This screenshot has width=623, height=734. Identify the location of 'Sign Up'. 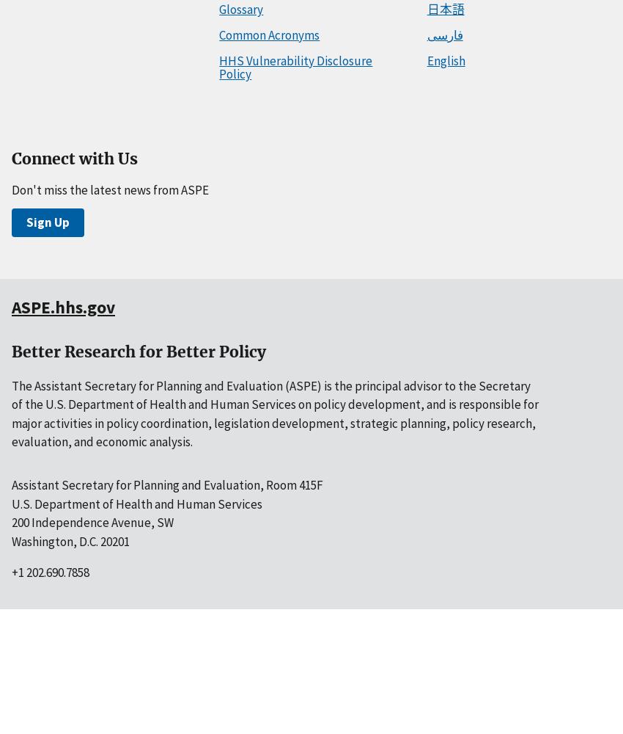
(48, 222).